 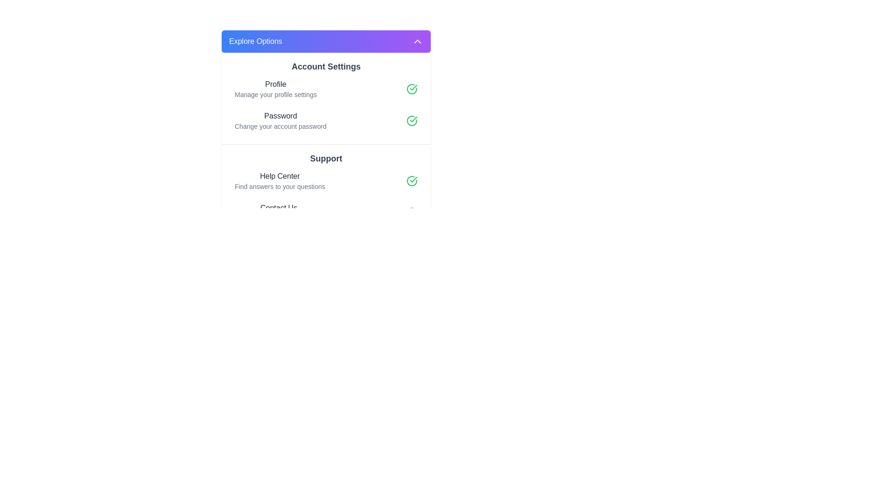 I want to click on the upward-pointing chevron icon located at the right edge of the 'Explore Options' button, which features a vibrant purple gradient theme, so click(x=417, y=41).